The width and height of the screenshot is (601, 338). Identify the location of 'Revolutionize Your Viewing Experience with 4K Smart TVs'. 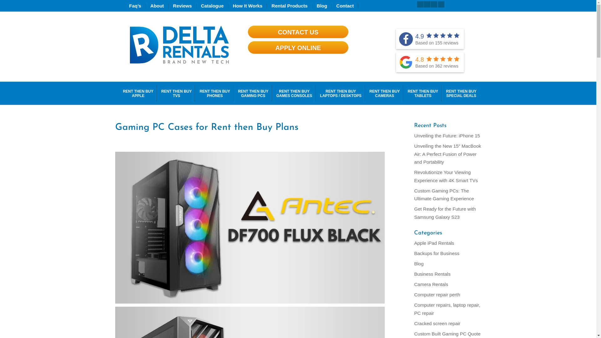
(414, 176).